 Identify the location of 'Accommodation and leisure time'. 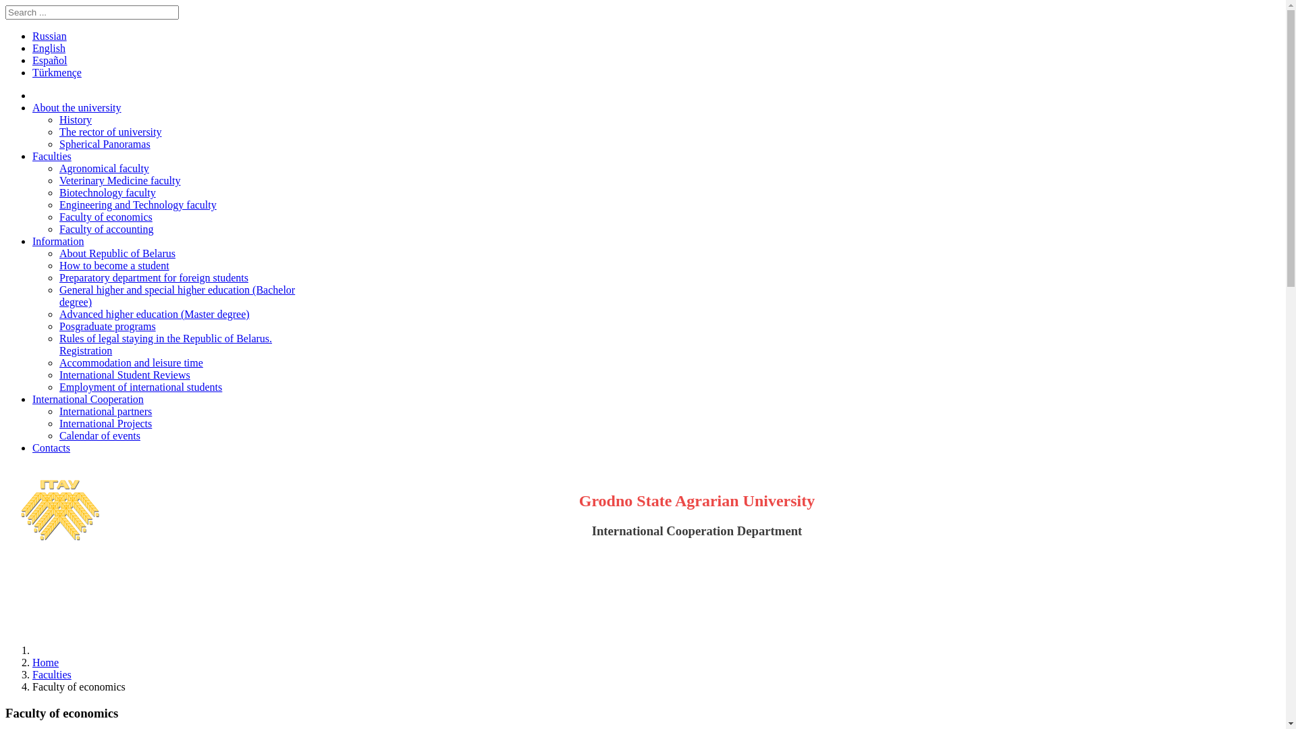
(131, 362).